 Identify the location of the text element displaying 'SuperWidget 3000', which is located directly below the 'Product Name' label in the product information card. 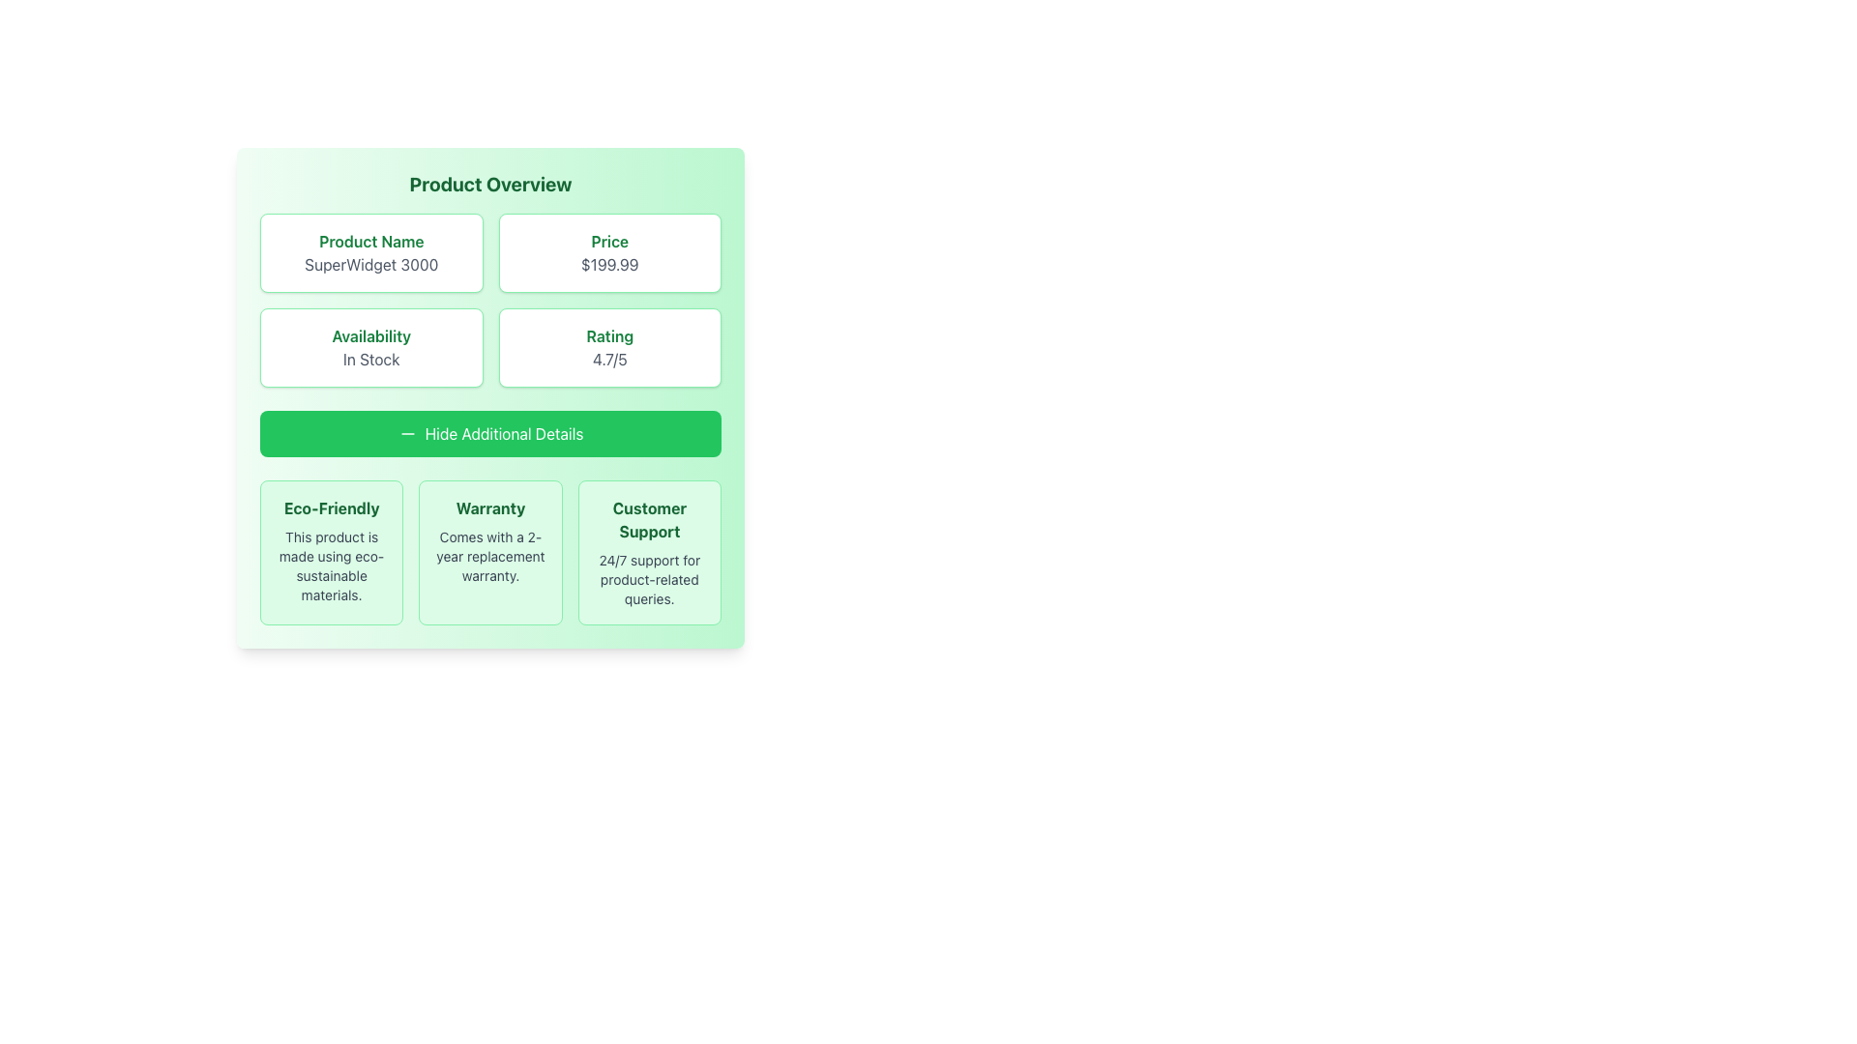
(371, 264).